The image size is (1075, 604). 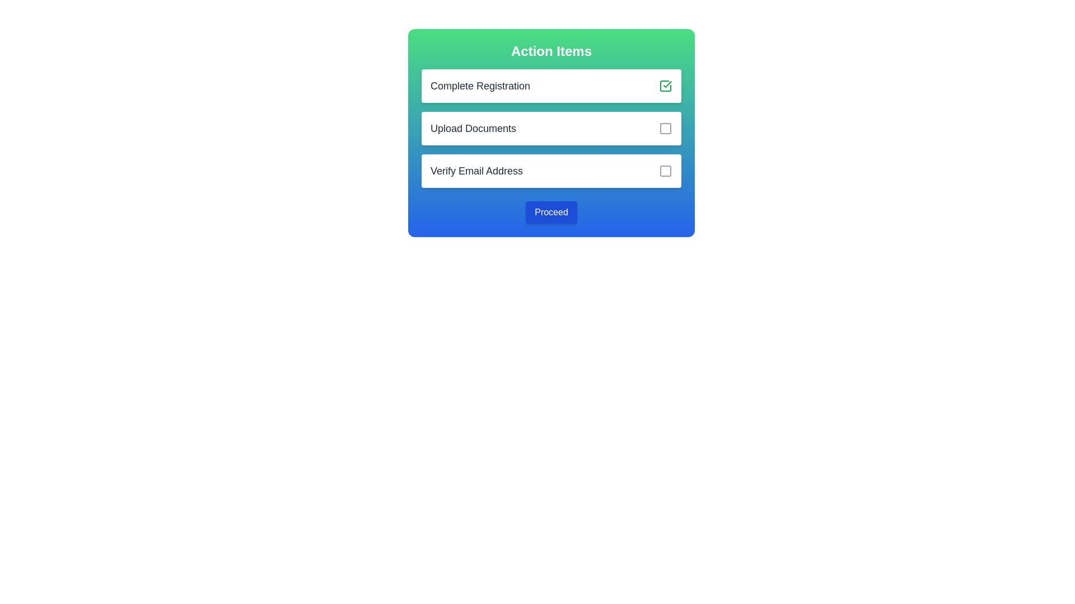 What do you see at coordinates (666, 171) in the screenshot?
I see `the Checkbox Indicator located in the 'Verify Email Address' section of the action items interface to trigger a tooltip` at bounding box center [666, 171].